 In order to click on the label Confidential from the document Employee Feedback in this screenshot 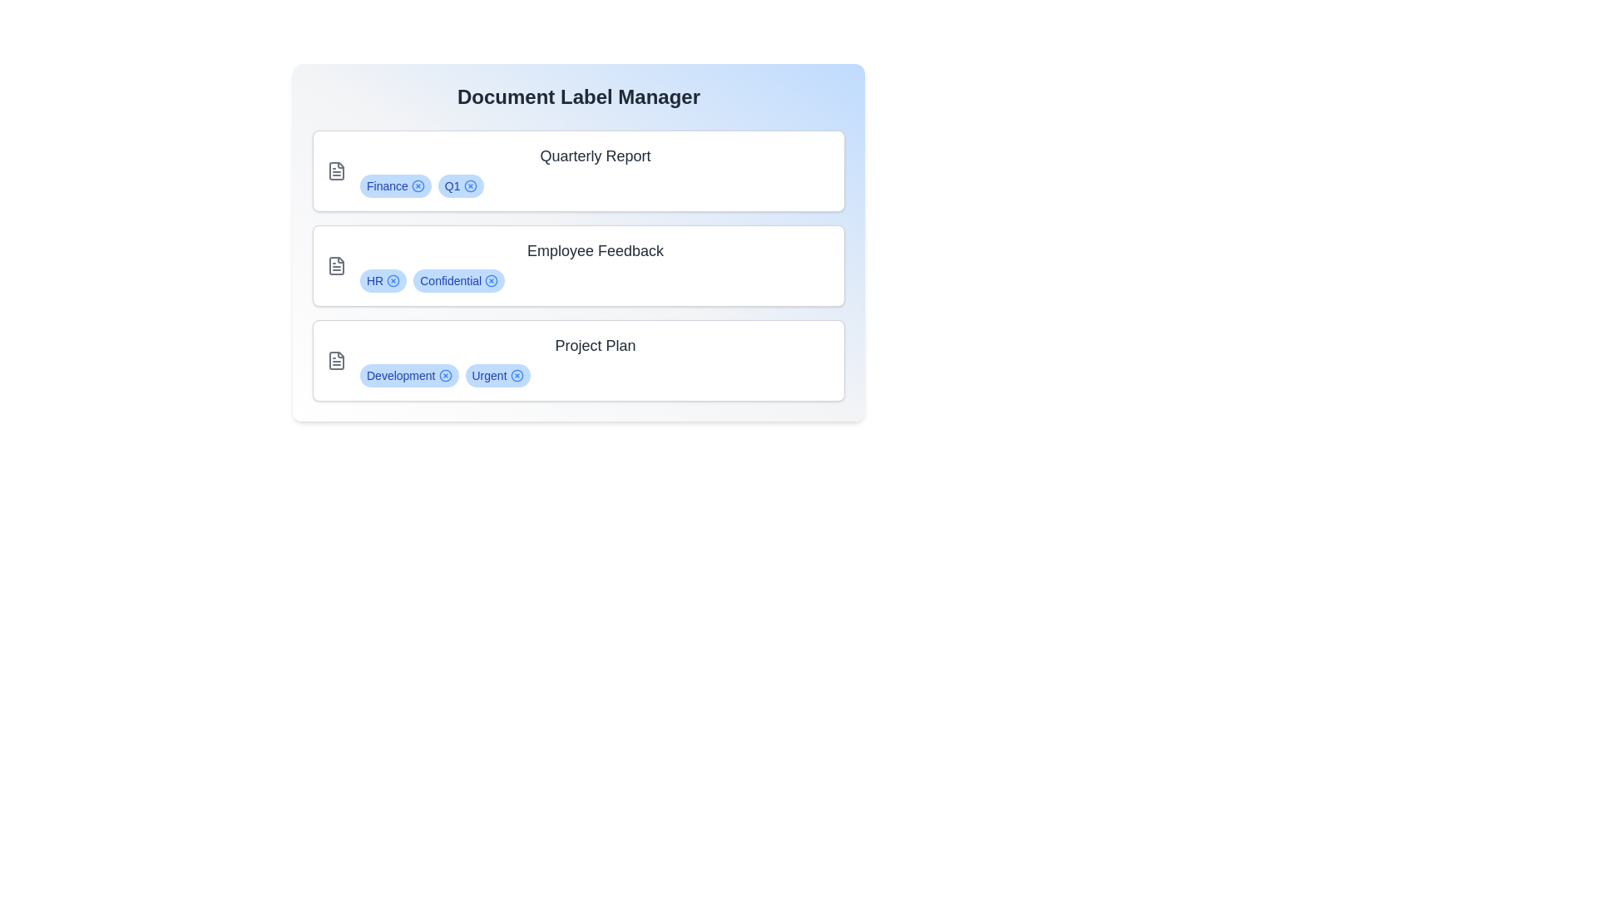, I will do `click(490, 280)`.